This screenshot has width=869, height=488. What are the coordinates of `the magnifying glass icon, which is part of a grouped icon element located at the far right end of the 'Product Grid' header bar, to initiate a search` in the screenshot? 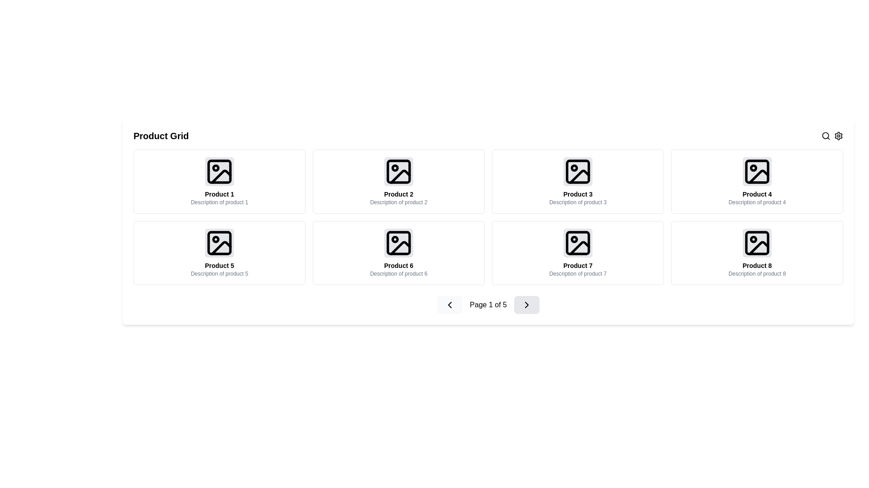 It's located at (832, 136).